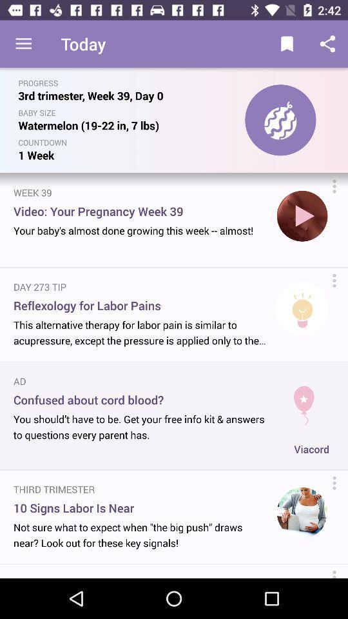 This screenshot has width=348, height=619. What do you see at coordinates (311, 449) in the screenshot?
I see `the viacord icon` at bounding box center [311, 449].